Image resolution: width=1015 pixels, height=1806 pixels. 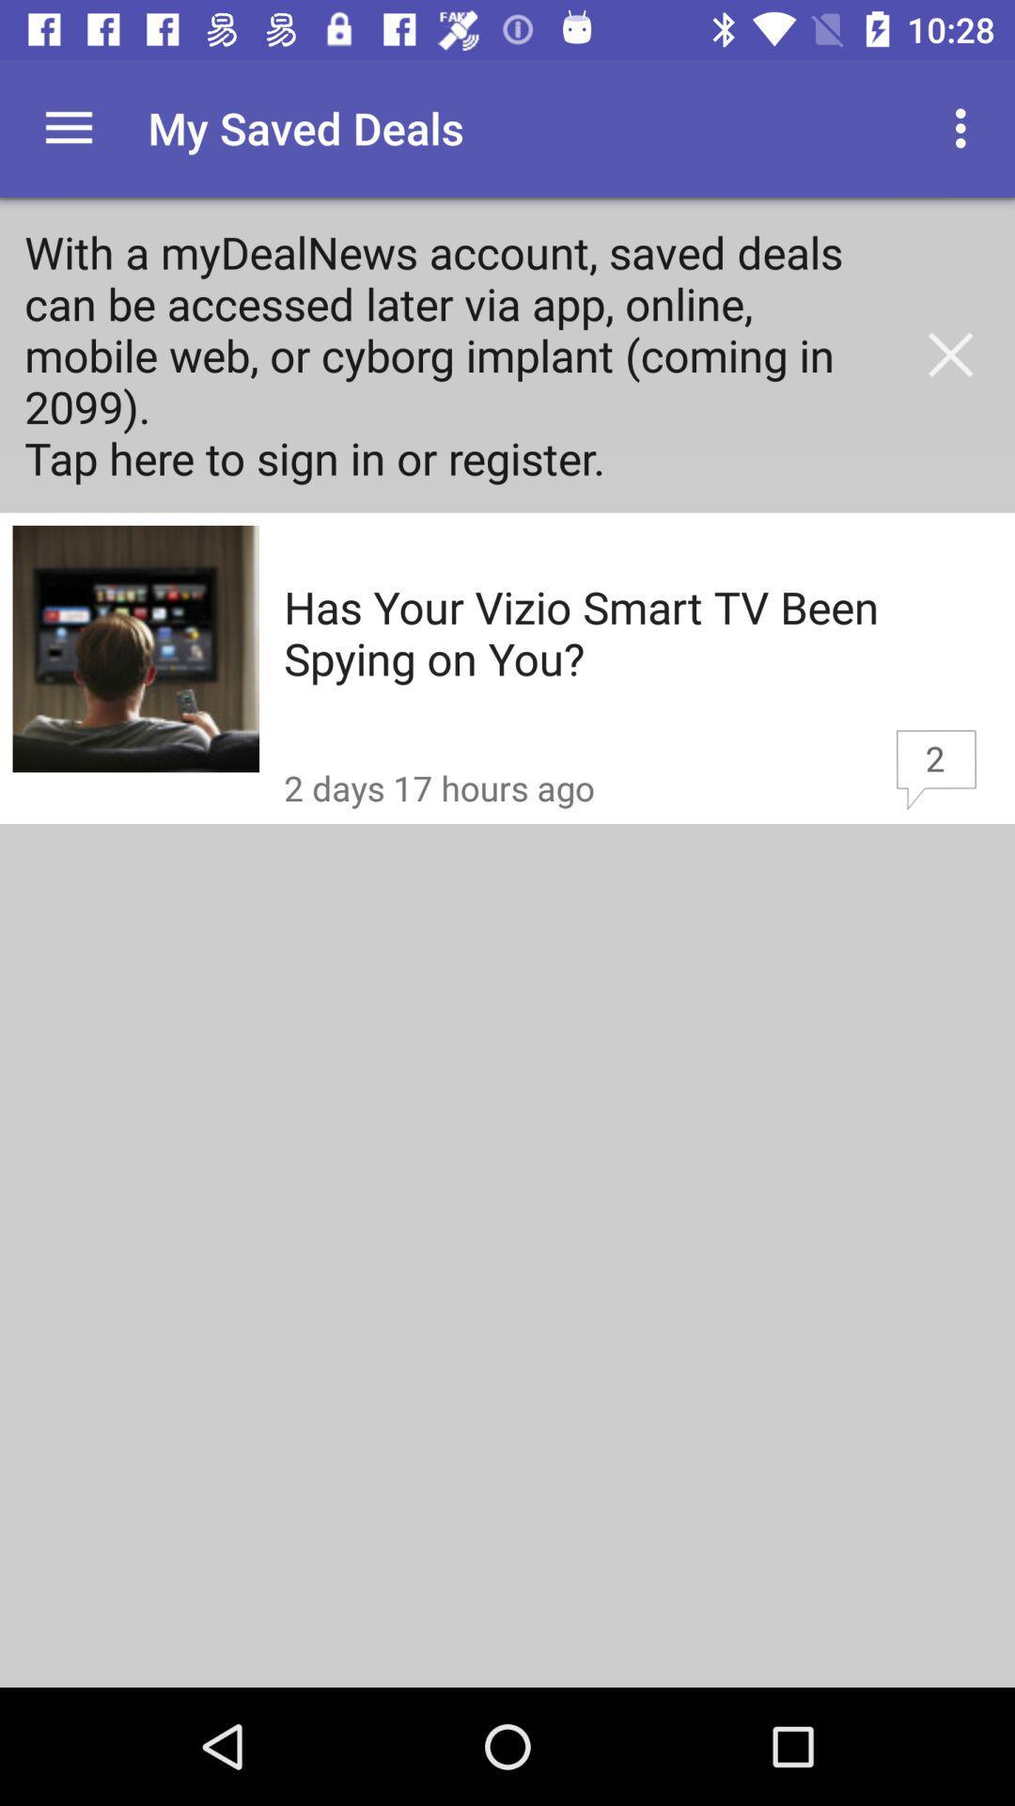 What do you see at coordinates (965, 127) in the screenshot?
I see `the app to the right of my saved deals item` at bounding box center [965, 127].